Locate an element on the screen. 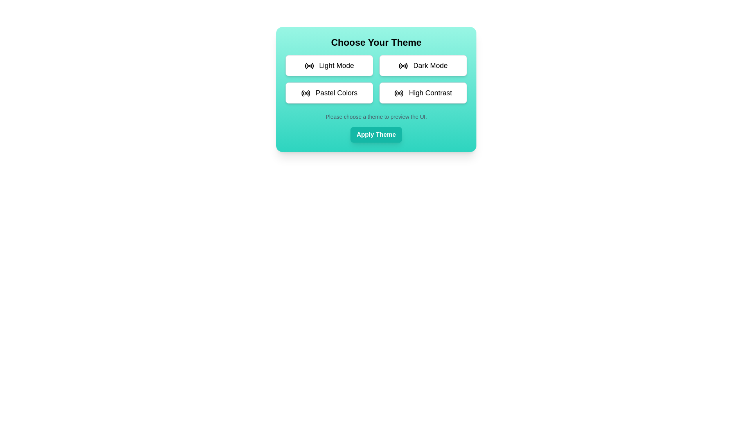  the 'Dark Mode' button located at the top right of the options grid to navigate via keyboard is located at coordinates (422, 65).